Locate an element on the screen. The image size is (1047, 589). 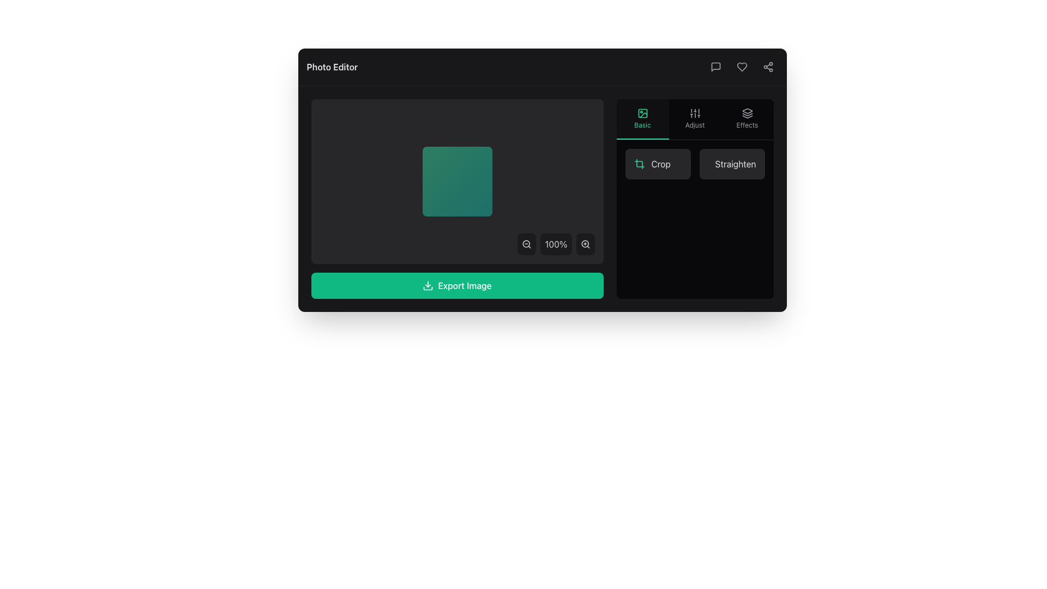
the 'Effects' icon located in the upper section of the rightmost vertical menu group, which serves as a trigger for selecting or applying effects to the content in the application is located at coordinates (747, 113).